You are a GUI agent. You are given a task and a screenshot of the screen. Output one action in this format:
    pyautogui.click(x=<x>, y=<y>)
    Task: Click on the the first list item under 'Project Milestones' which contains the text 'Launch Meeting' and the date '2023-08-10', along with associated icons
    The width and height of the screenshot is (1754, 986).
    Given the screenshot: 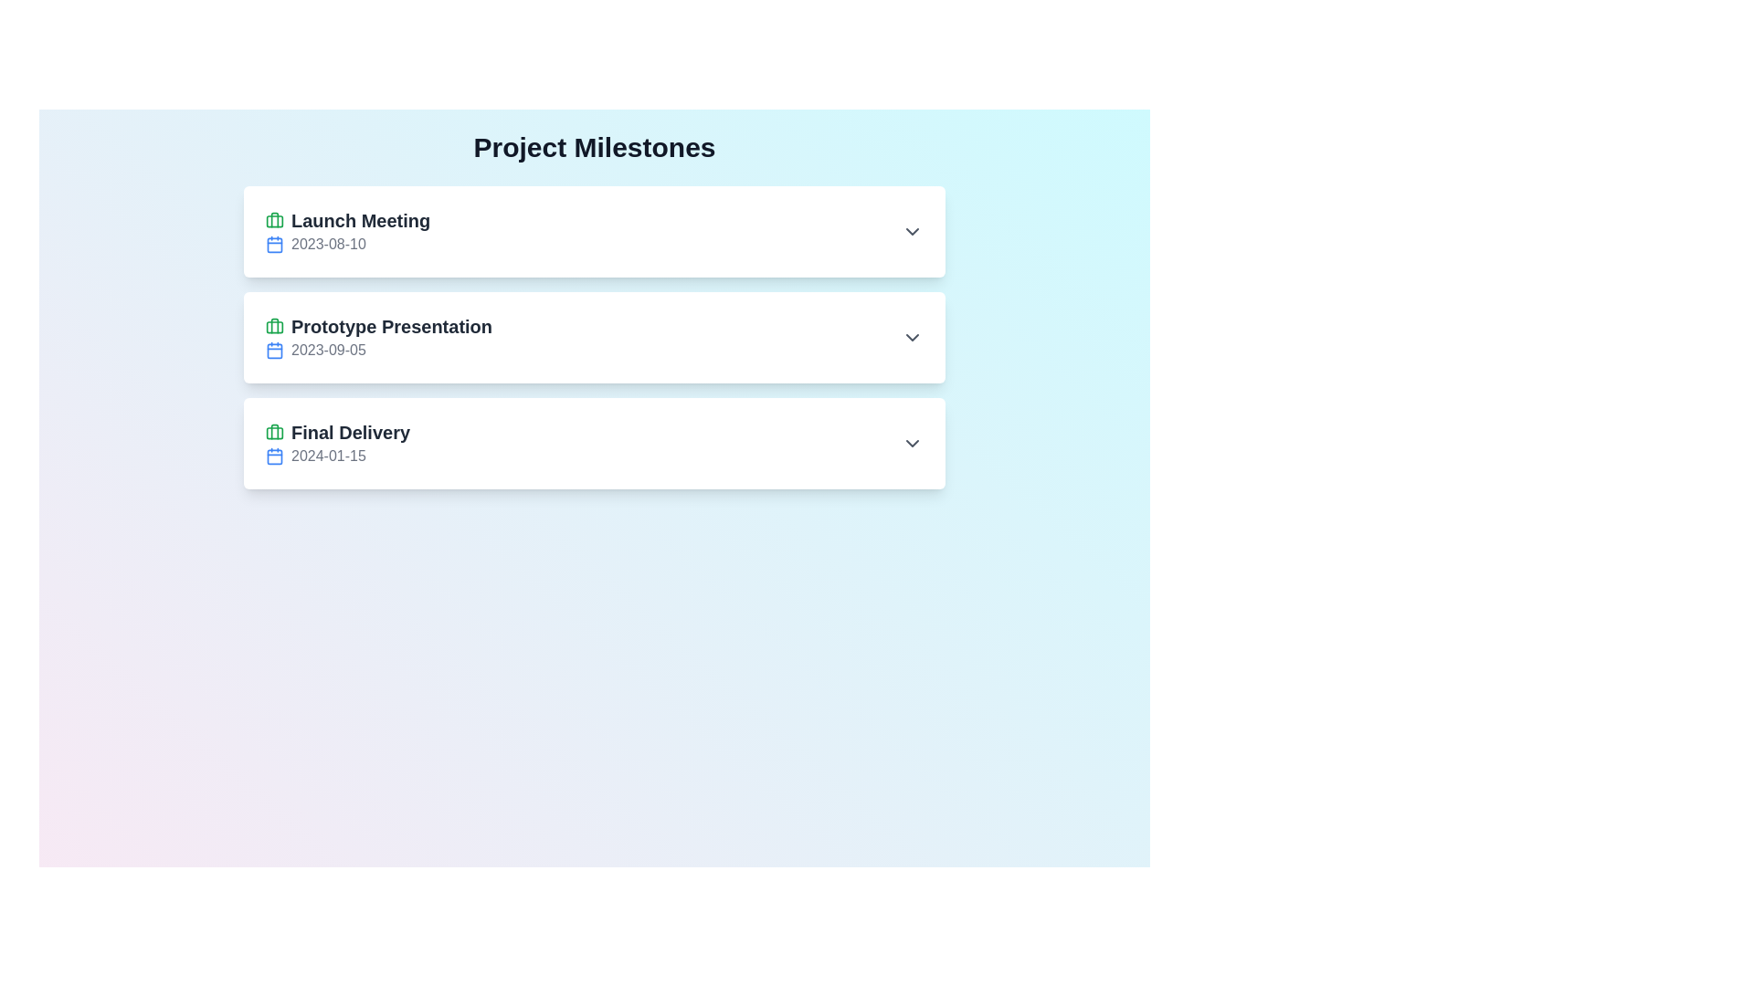 What is the action you would take?
    pyautogui.click(x=348, y=231)
    